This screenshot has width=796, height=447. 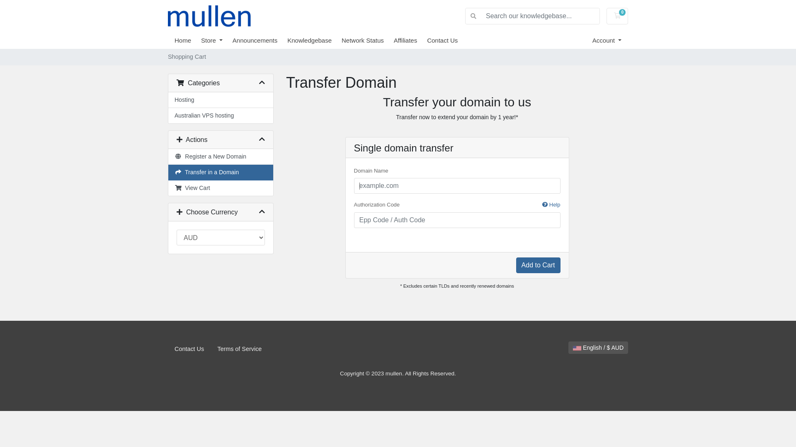 What do you see at coordinates (217, 40) in the screenshot?
I see `'Store'` at bounding box center [217, 40].